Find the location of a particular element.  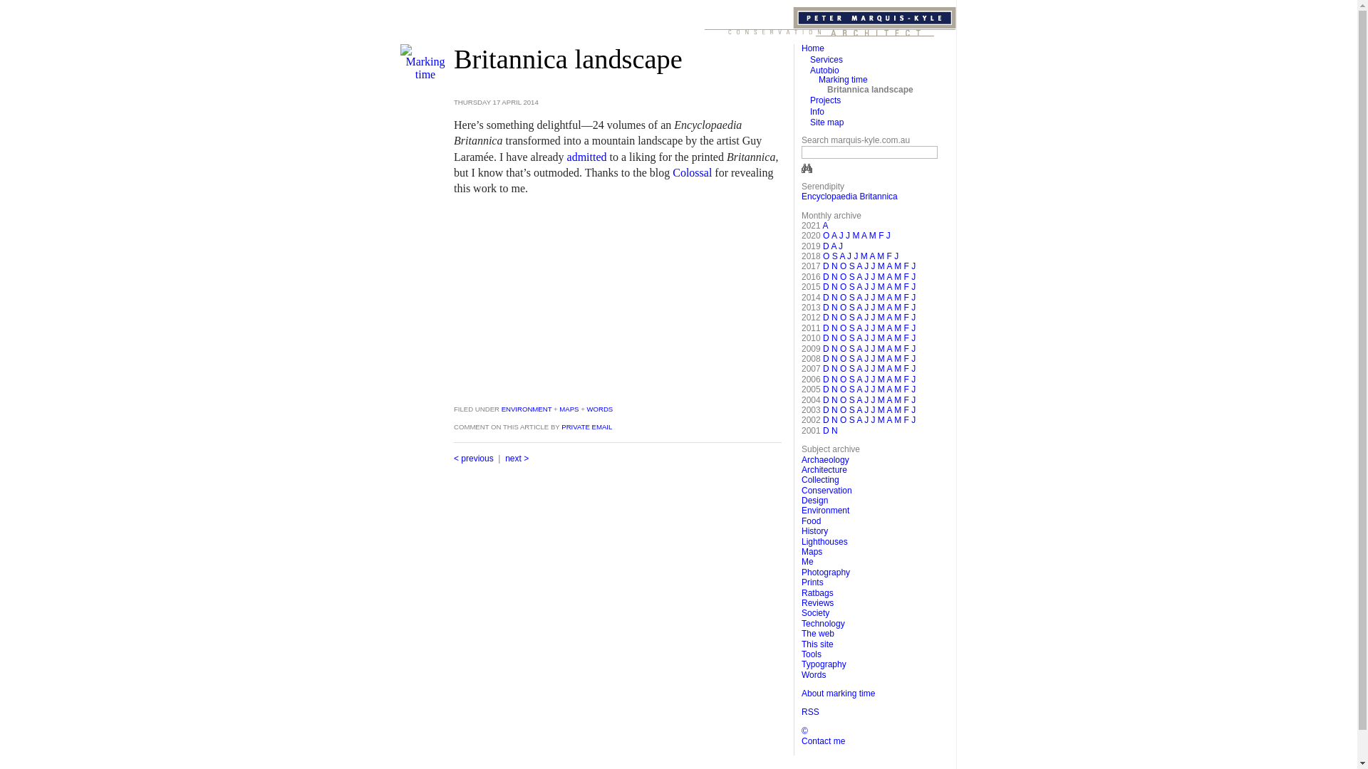

'Collecting' is located at coordinates (820, 480).